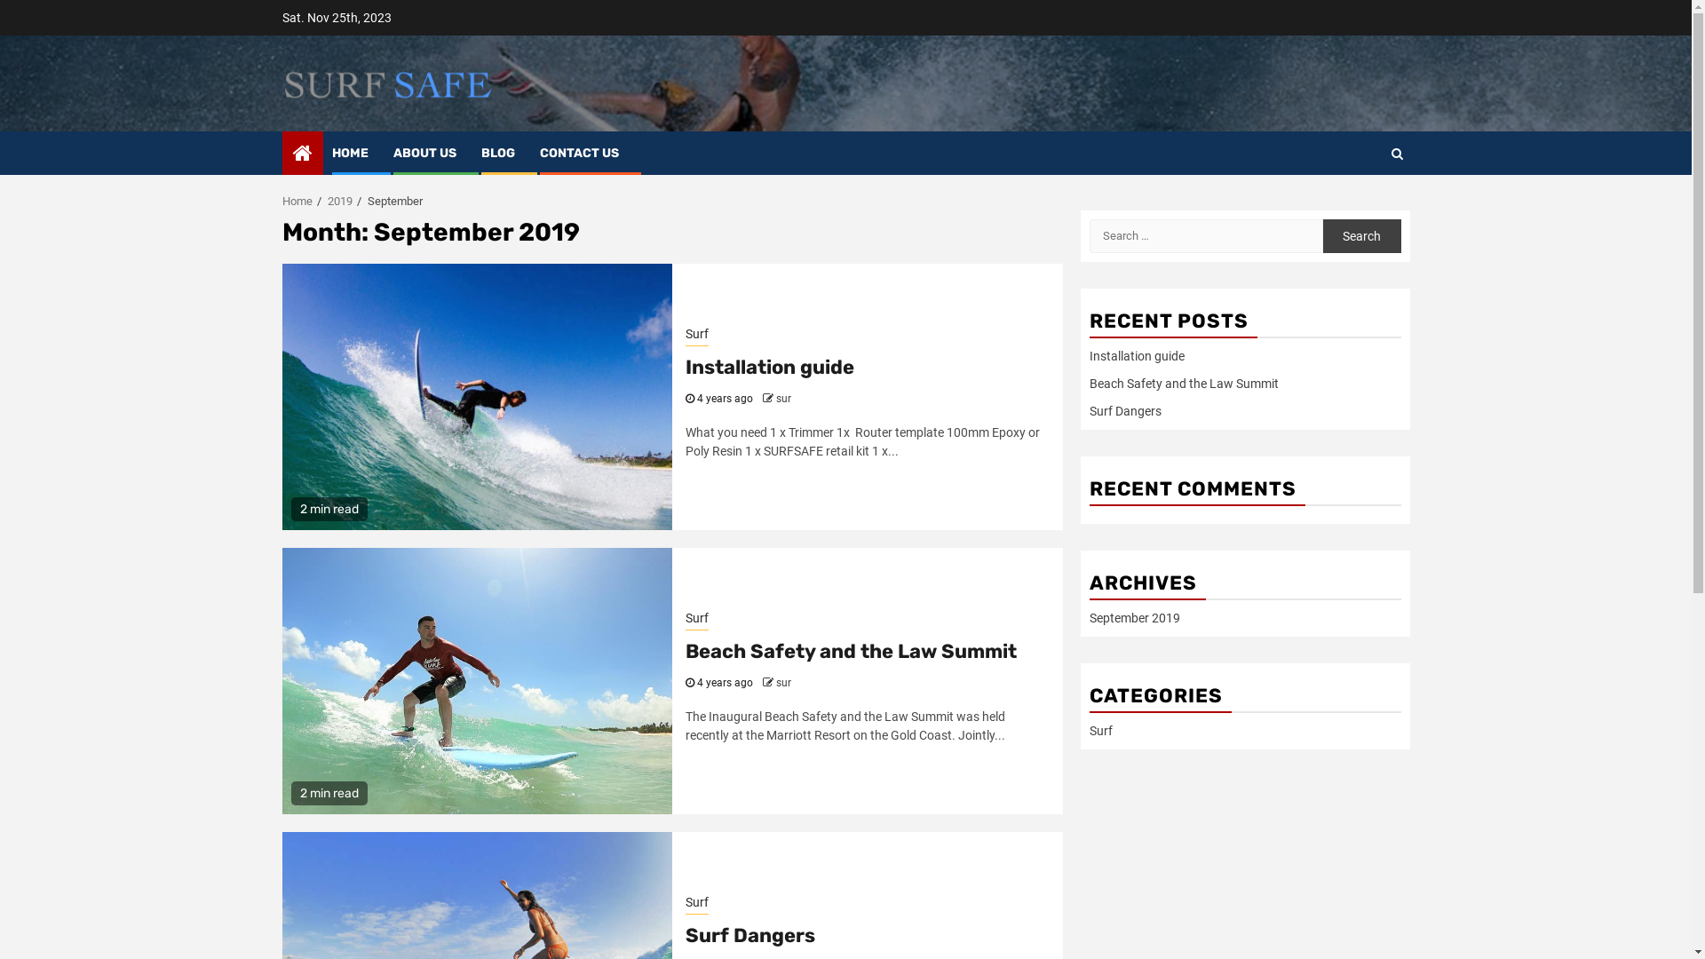 The width and height of the screenshot is (1705, 959). What do you see at coordinates (423, 152) in the screenshot?
I see `'ABOUT US'` at bounding box center [423, 152].